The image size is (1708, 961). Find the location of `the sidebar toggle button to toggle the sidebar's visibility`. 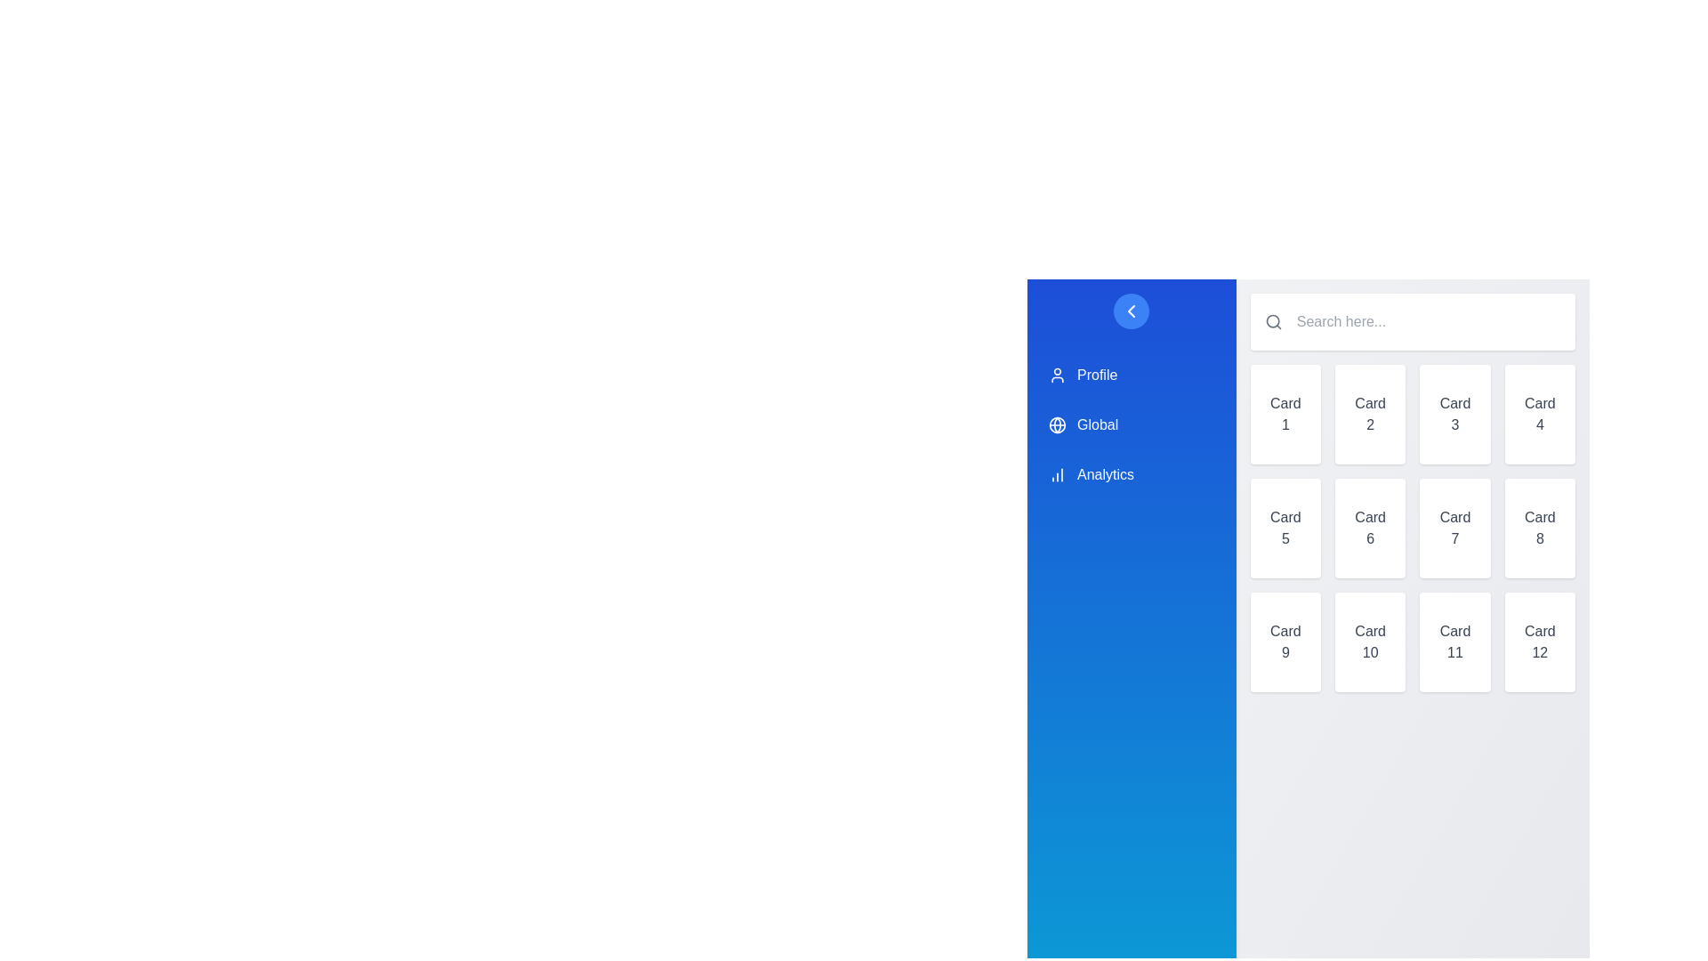

the sidebar toggle button to toggle the sidebar's visibility is located at coordinates (1131, 311).